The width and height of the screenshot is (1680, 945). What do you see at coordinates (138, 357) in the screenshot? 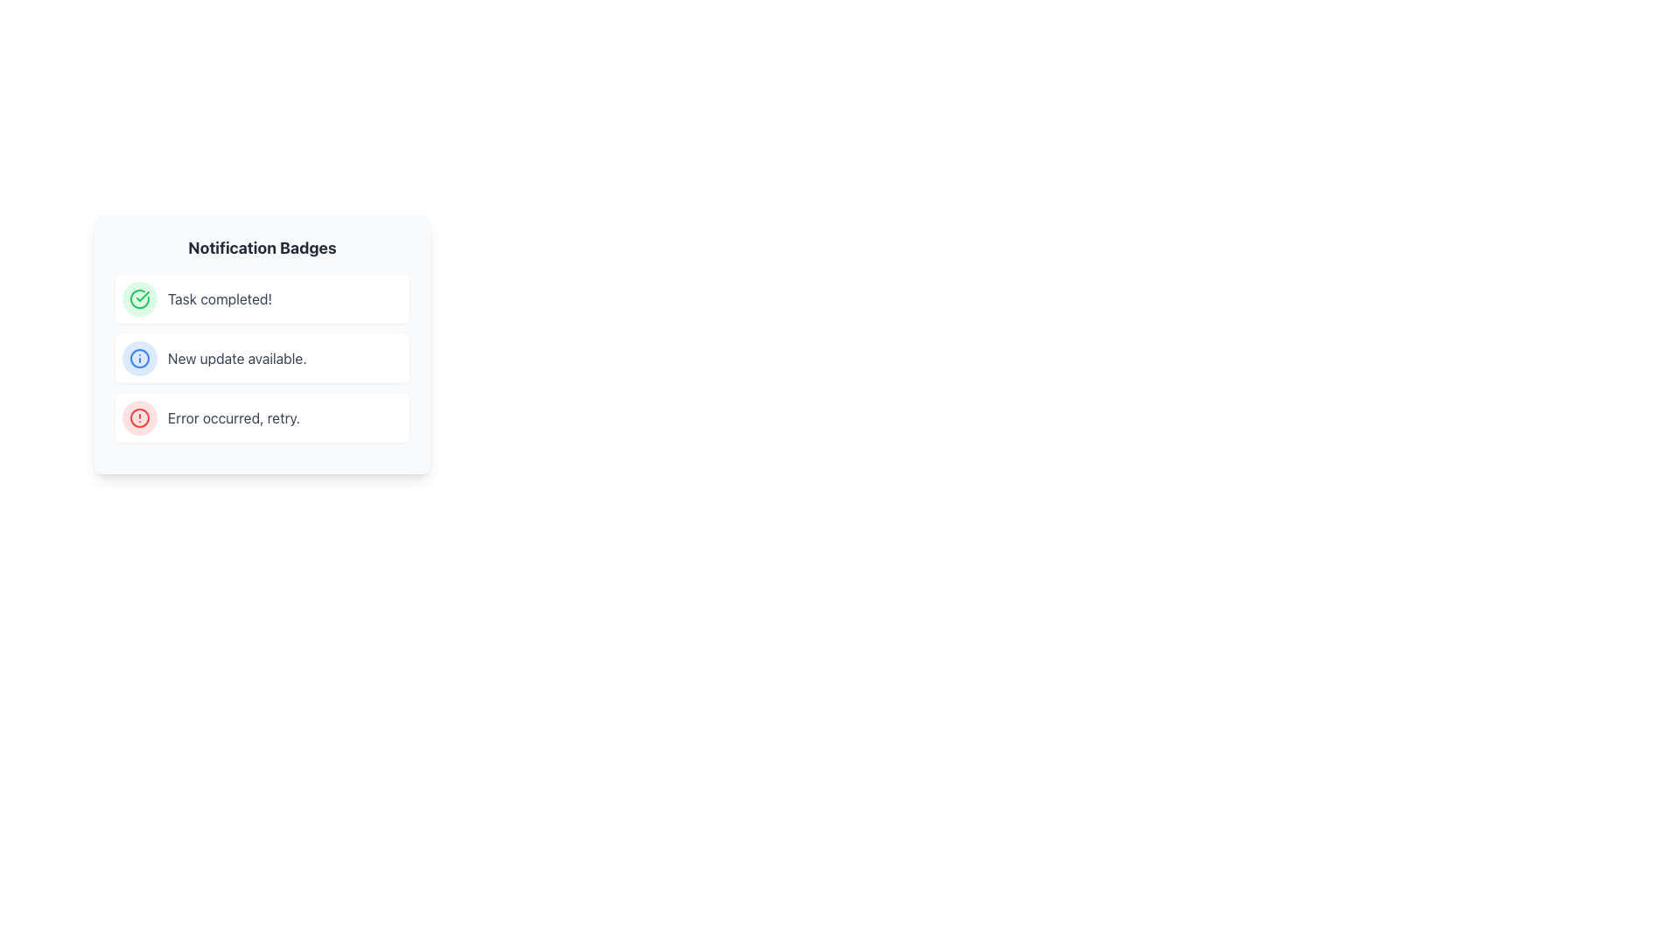
I see `informational icon representing the update notification located in the second notification entry, to the left of the text 'New update available.'` at bounding box center [138, 357].